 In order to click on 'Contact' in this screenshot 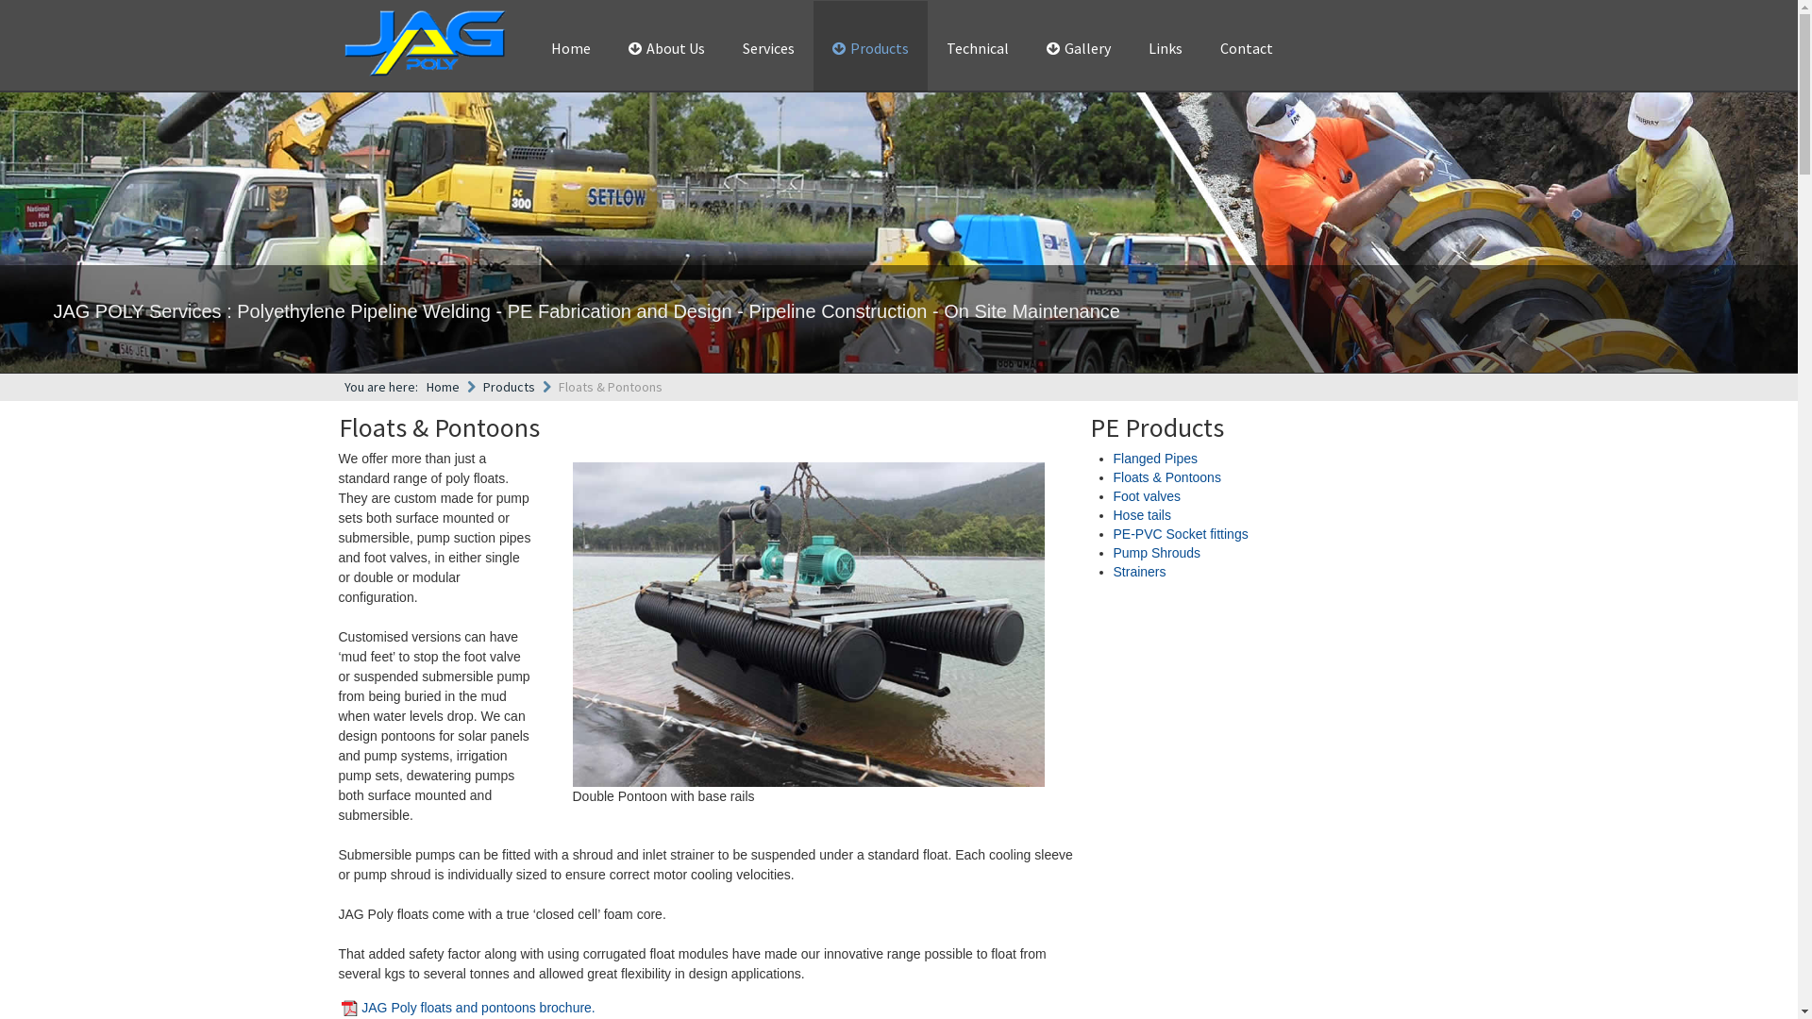, I will do `click(1246, 47)`.